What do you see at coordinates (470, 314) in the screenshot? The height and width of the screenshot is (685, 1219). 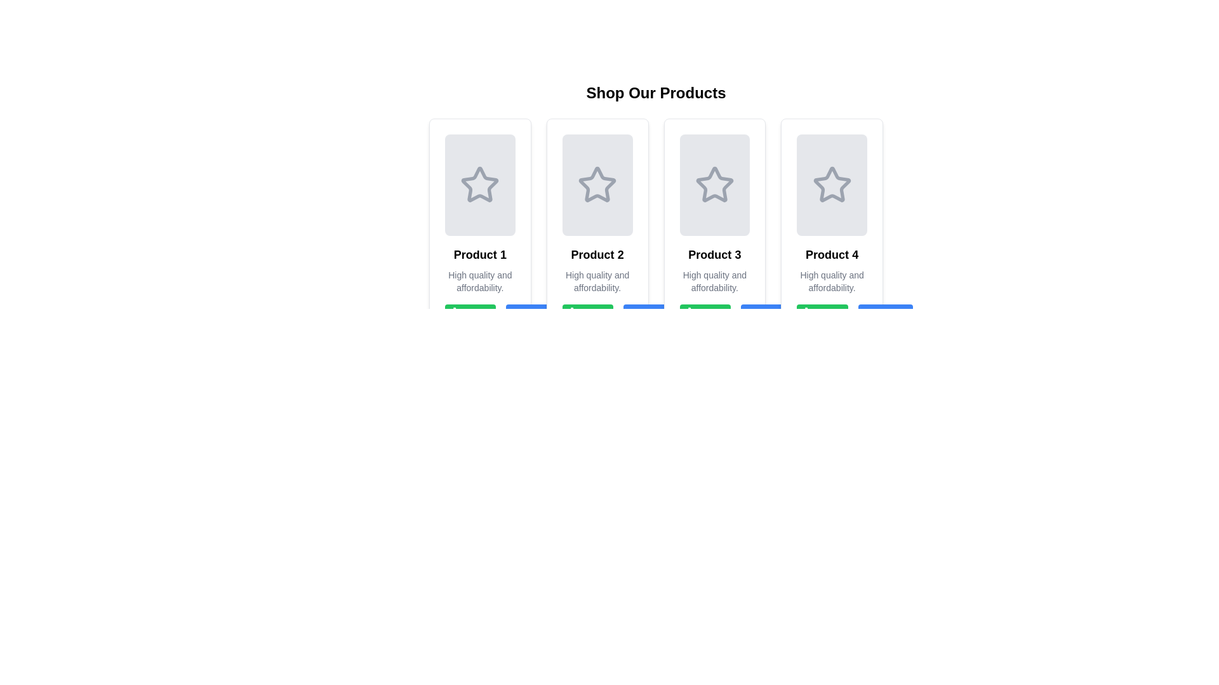 I see `the green 'Add' button with rounded corners and a white 'Add' label for accessibility` at bounding box center [470, 314].